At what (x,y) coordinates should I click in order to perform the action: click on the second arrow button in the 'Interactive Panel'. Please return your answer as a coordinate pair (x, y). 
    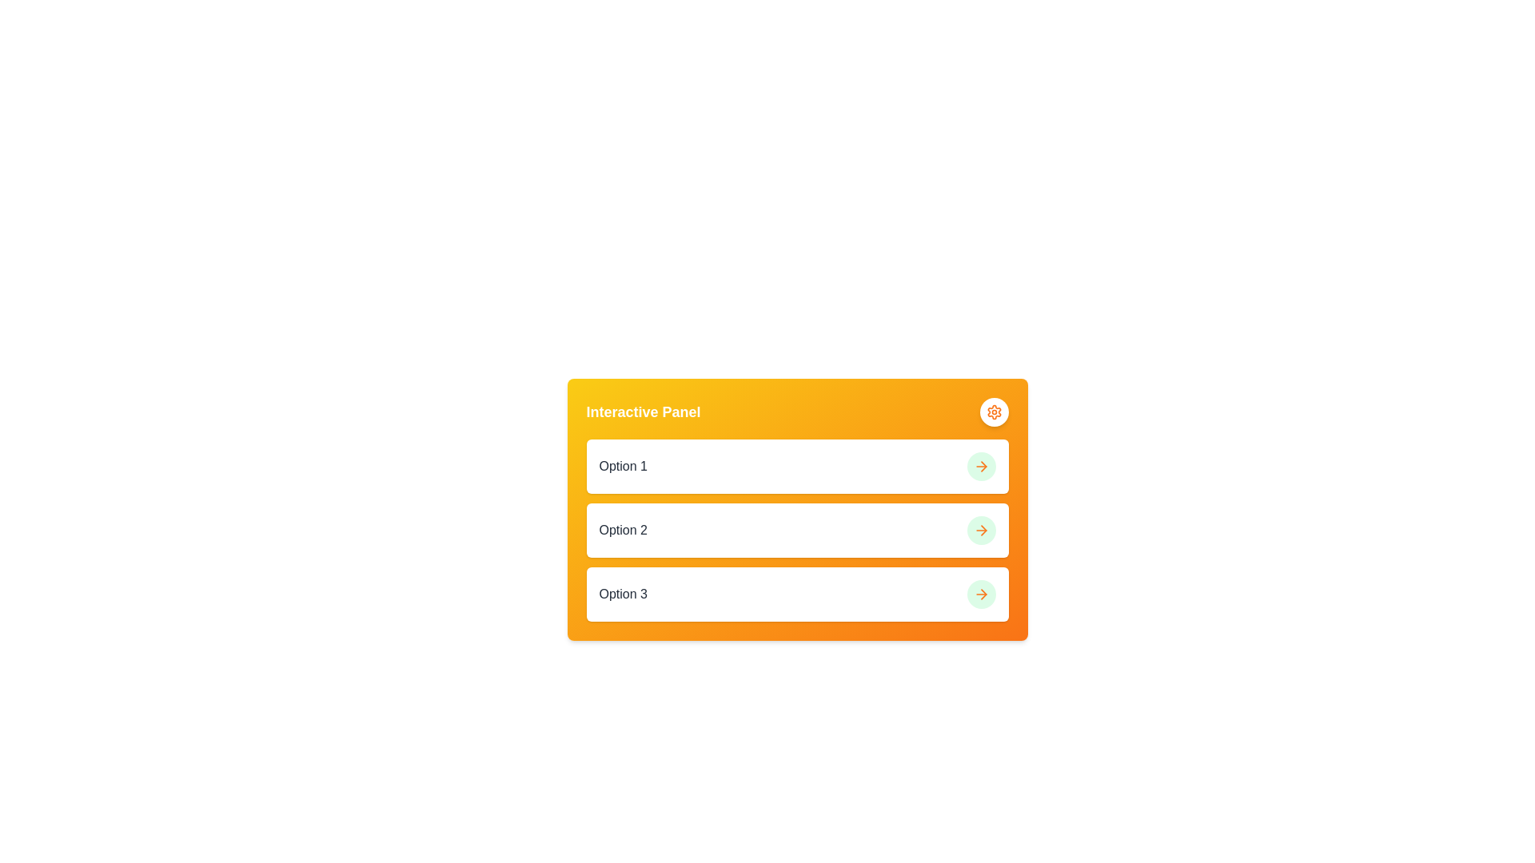
    Looking at the image, I should click on (980, 530).